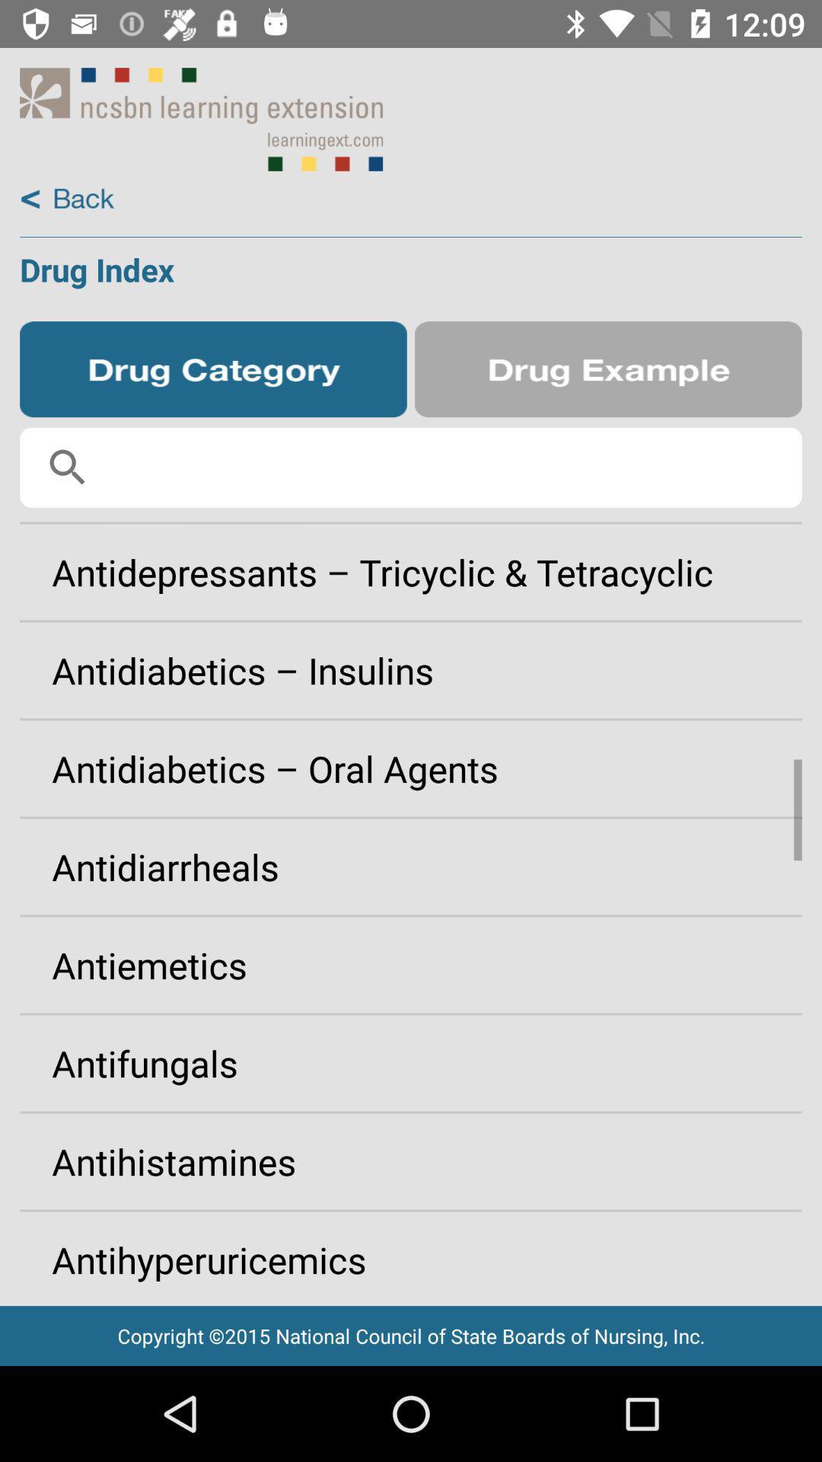 This screenshot has width=822, height=1462. What do you see at coordinates (411, 1160) in the screenshot?
I see `the antihistamines` at bounding box center [411, 1160].